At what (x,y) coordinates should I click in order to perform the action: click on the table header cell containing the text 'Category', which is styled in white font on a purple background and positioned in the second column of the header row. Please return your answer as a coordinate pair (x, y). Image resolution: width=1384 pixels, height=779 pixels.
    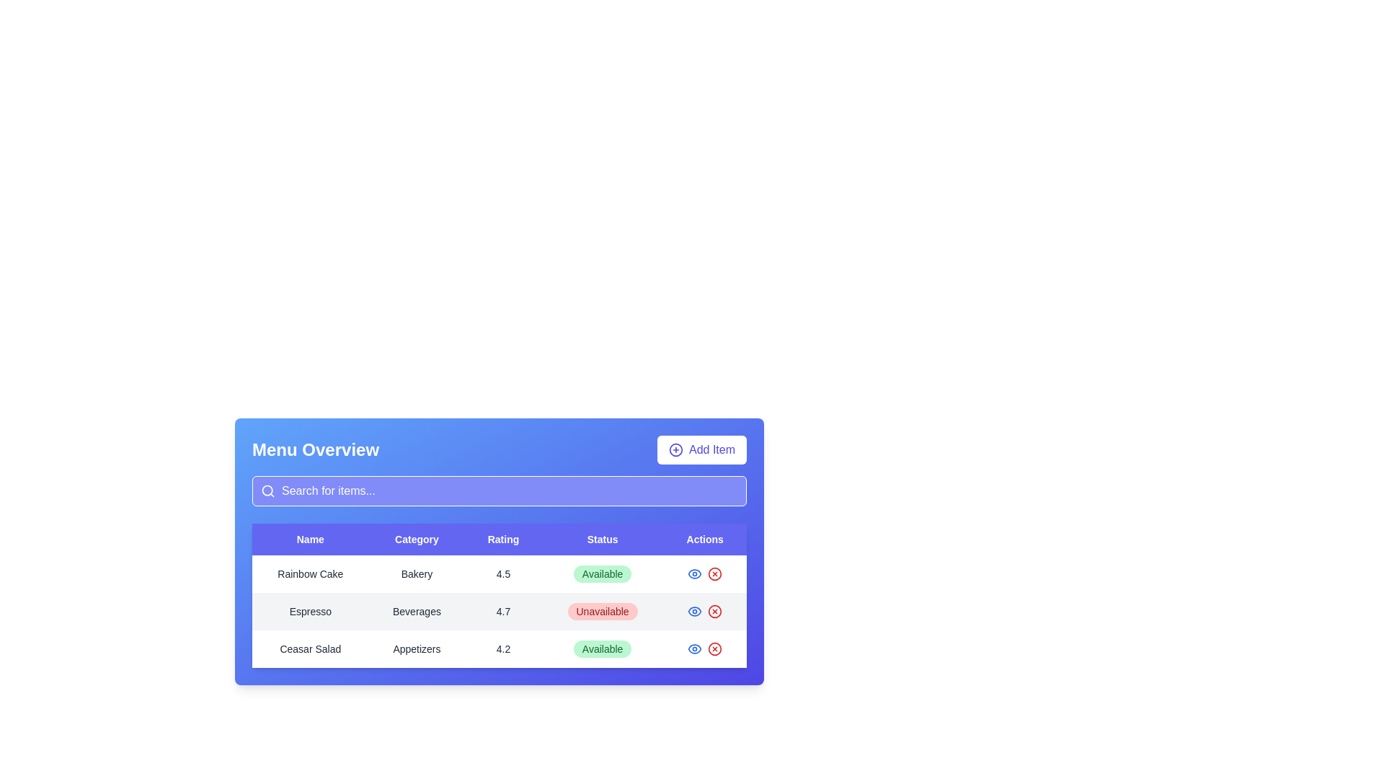
    Looking at the image, I should click on (416, 540).